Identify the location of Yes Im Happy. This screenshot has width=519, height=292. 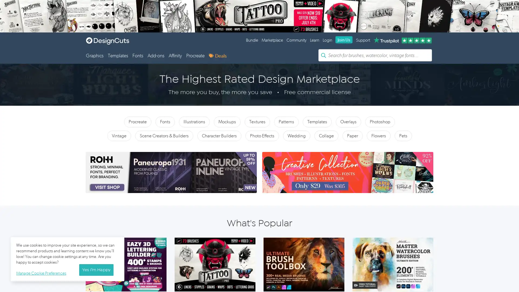
(96, 270).